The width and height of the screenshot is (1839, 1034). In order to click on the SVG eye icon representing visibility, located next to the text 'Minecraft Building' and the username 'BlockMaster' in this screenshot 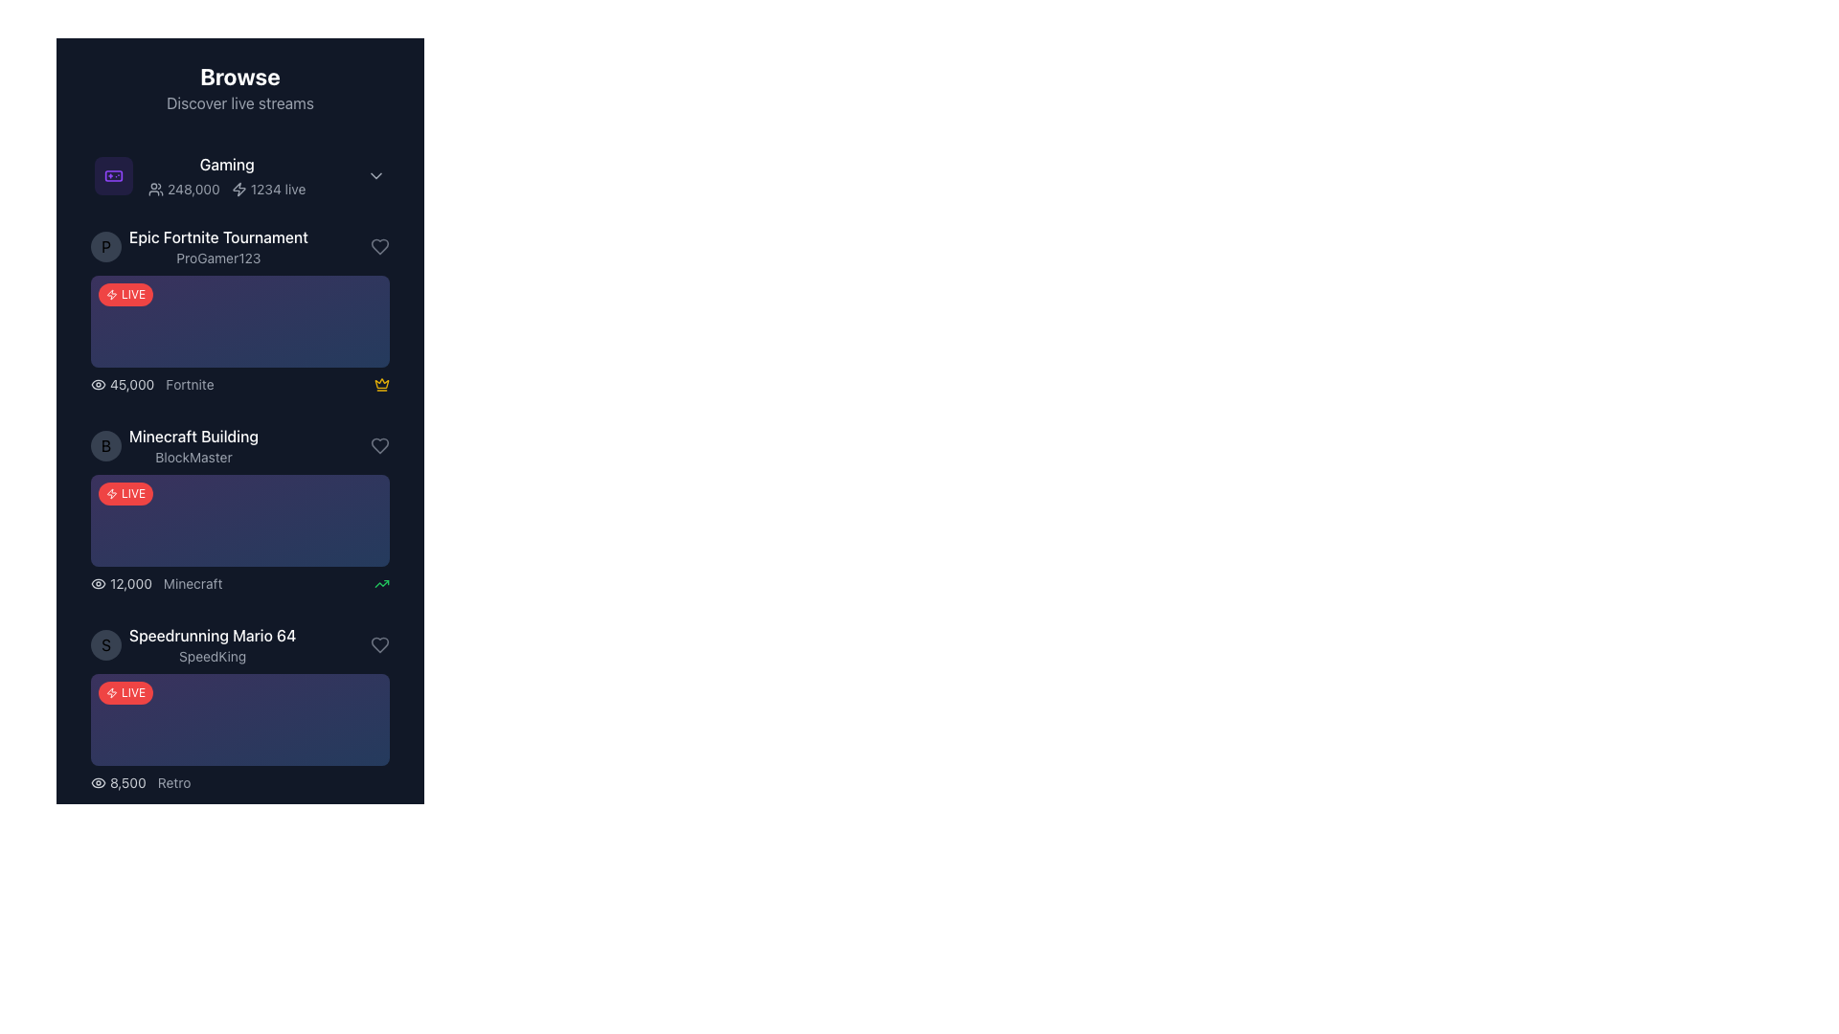, I will do `click(97, 782)`.